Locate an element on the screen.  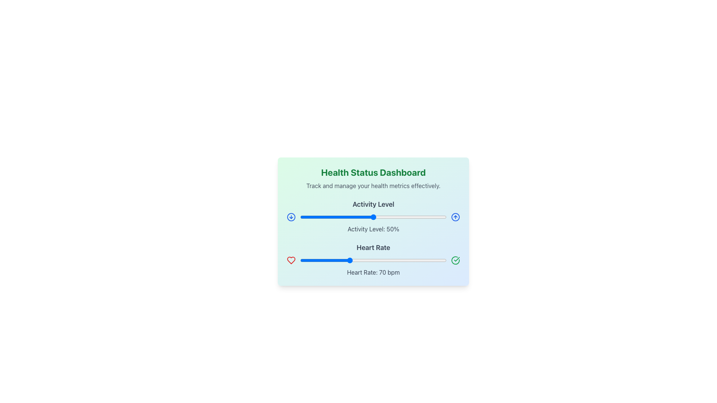
heart rate is located at coordinates (435, 260).